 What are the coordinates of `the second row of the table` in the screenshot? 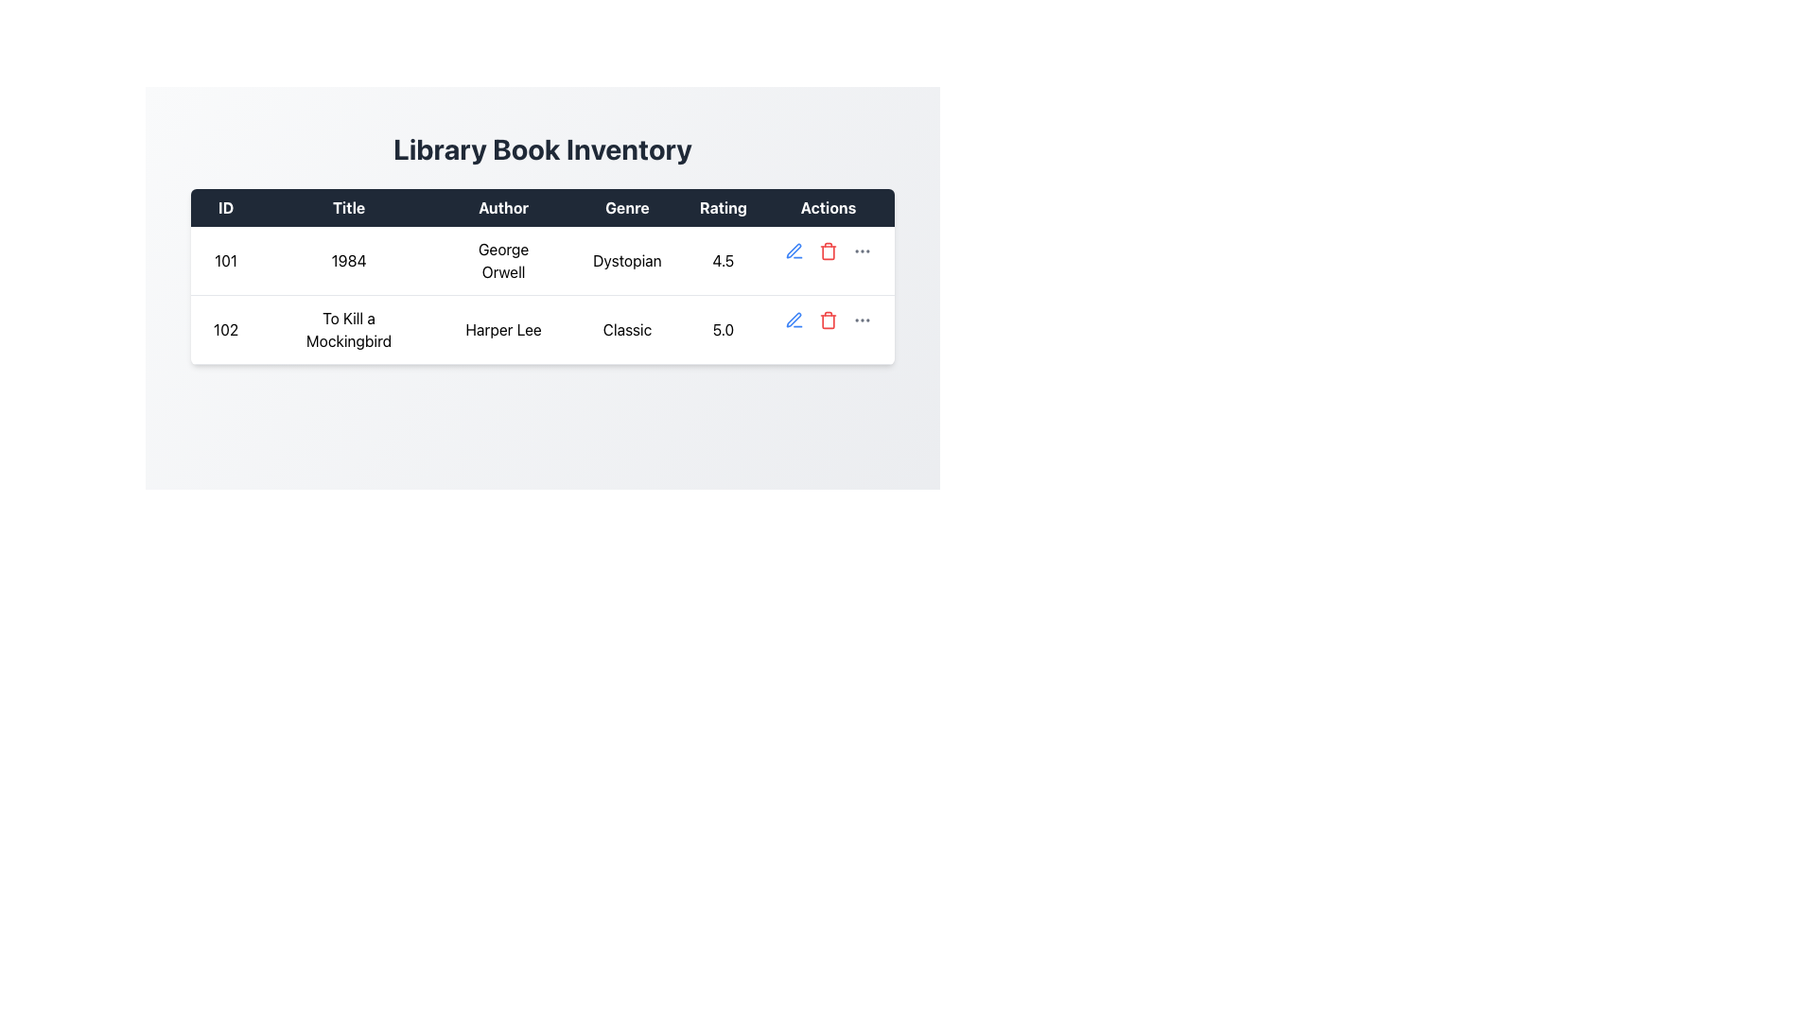 It's located at (542, 328).